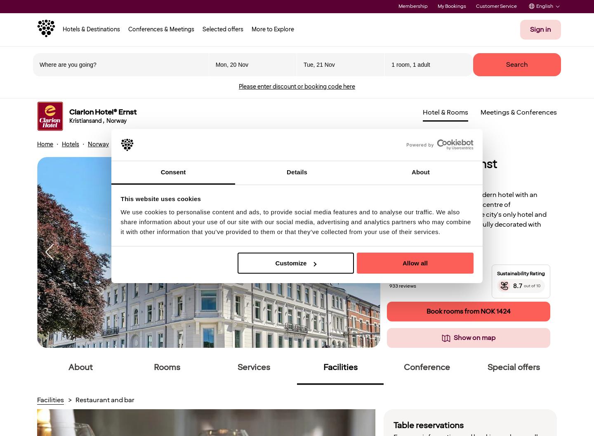 The width and height of the screenshot is (594, 436). Describe the element at coordinates (134, 144) in the screenshot. I see `'Kristiansand'` at that location.